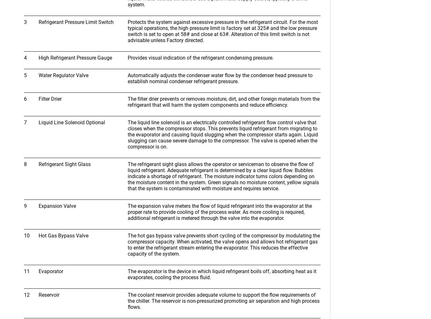  What do you see at coordinates (24, 206) in the screenshot?
I see `'9'` at bounding box center [24, 206].